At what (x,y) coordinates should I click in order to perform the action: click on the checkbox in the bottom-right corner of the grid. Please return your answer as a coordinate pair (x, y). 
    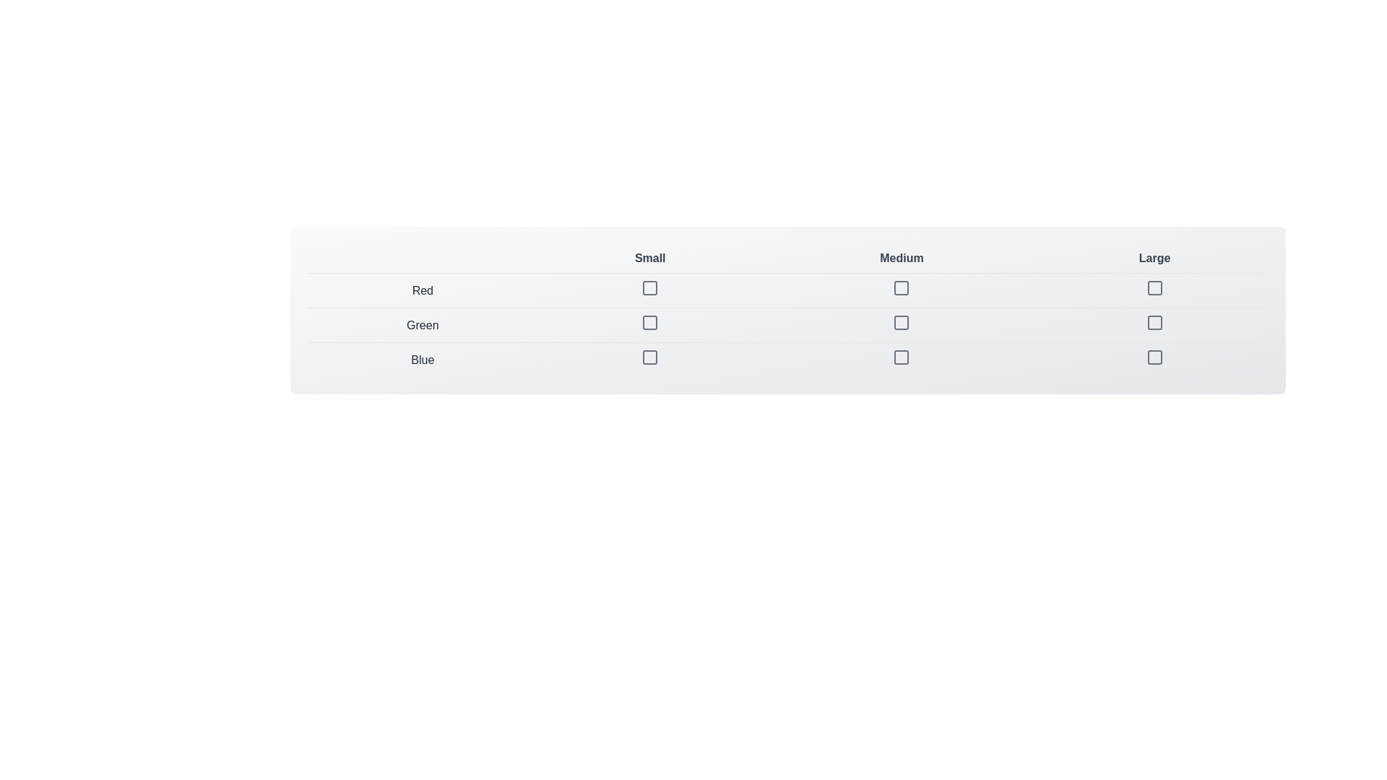
    Looking at the image, I should click on (1154, 357).